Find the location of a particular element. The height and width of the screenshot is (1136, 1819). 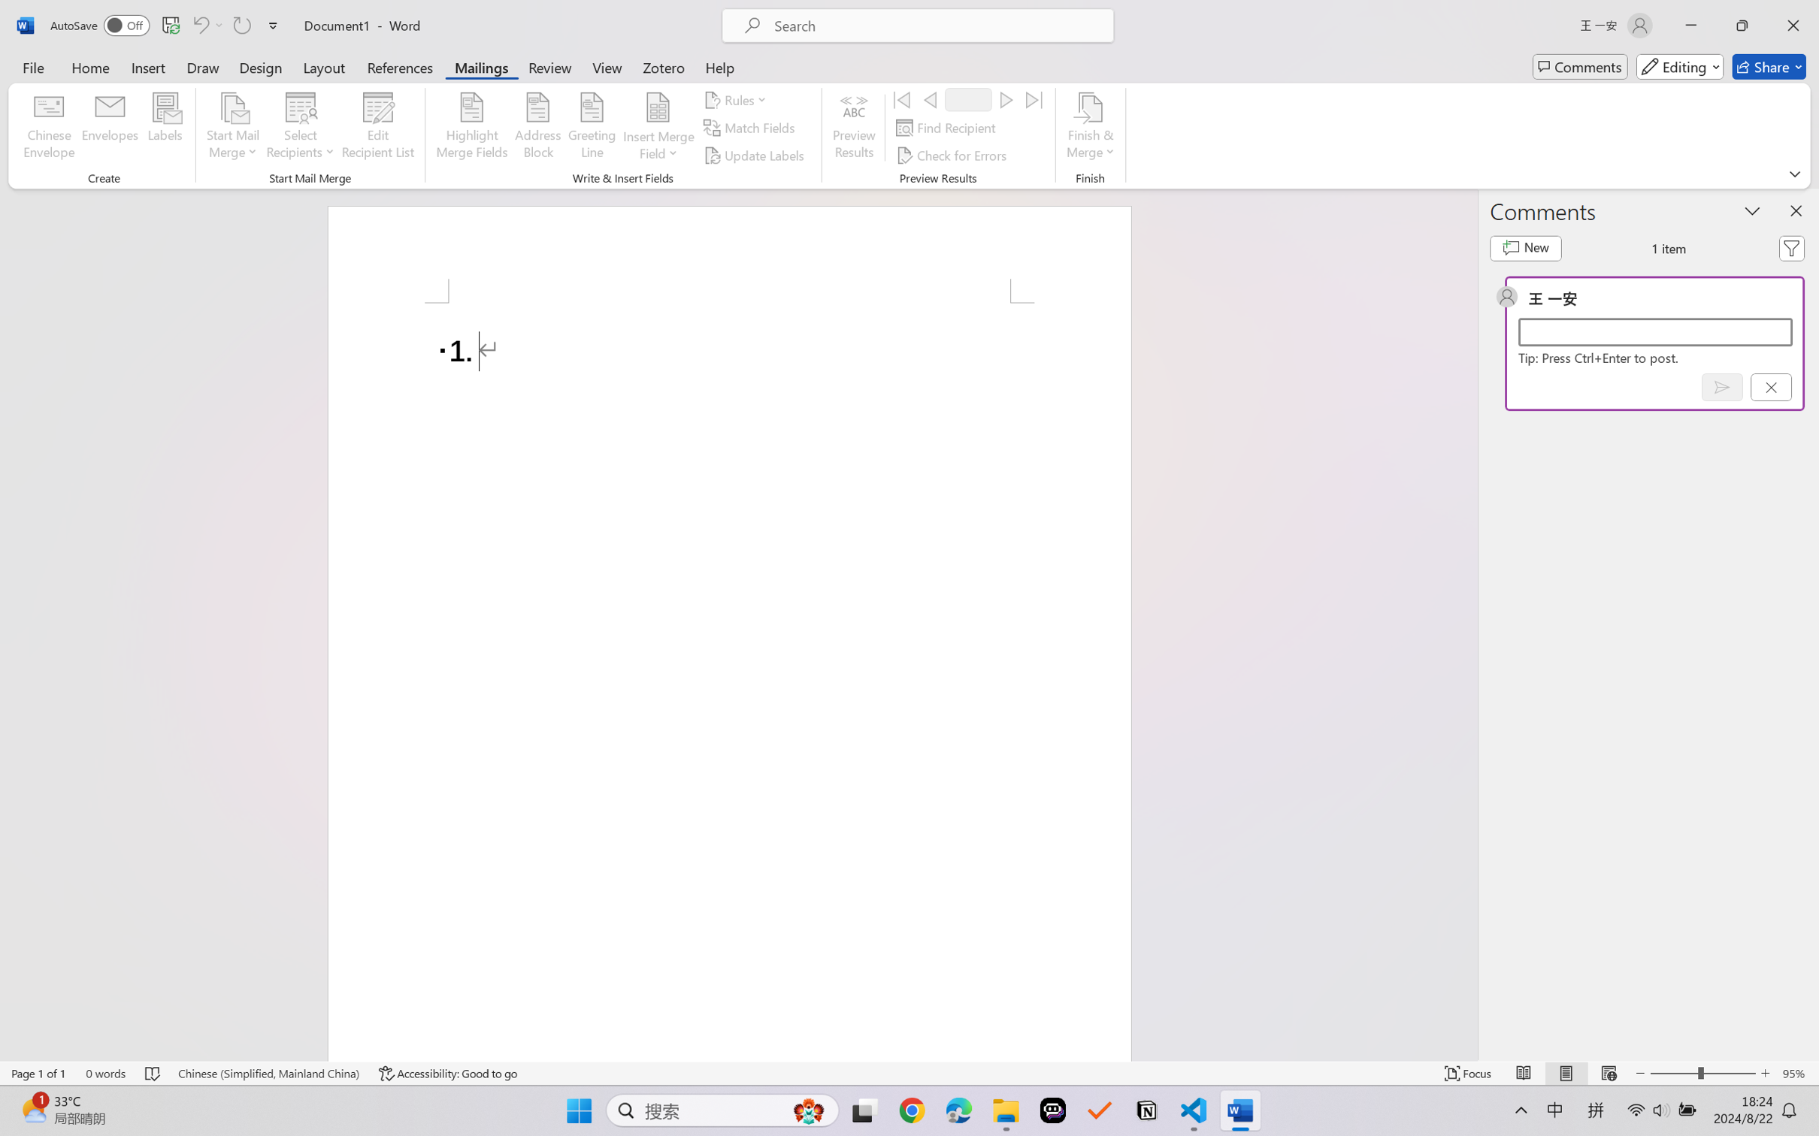

'Address Block...' is located at coordinates (538, 128).